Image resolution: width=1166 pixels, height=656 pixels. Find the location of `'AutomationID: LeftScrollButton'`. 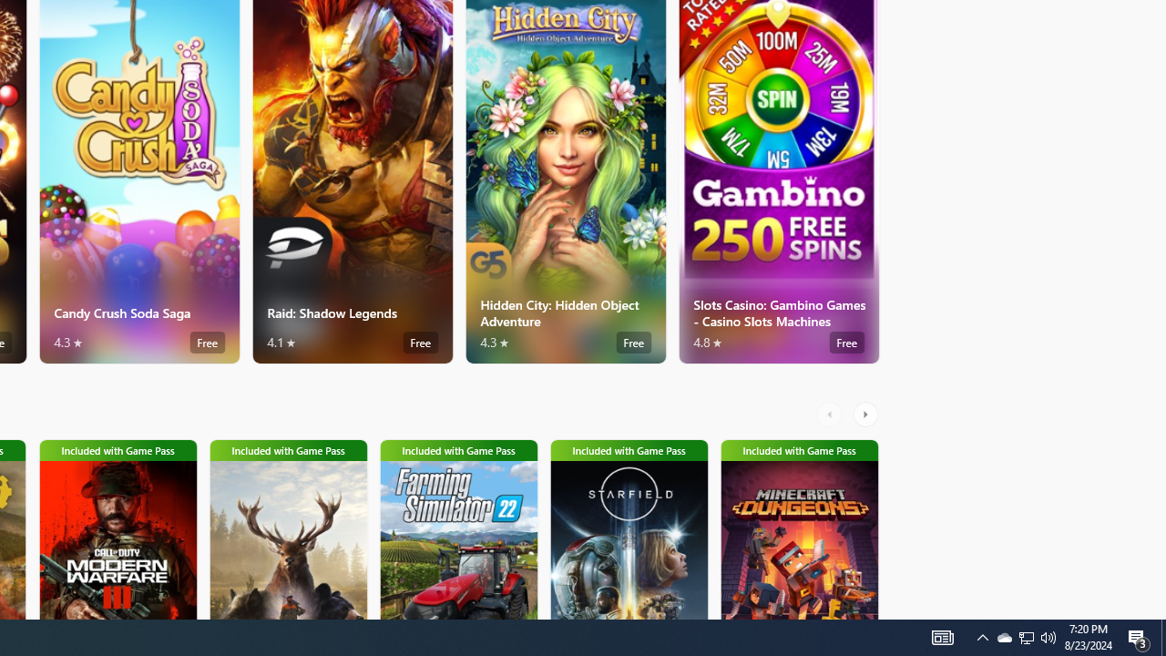

'AutomationID: LeftScrollButton' is located at coordinates (831, 415).